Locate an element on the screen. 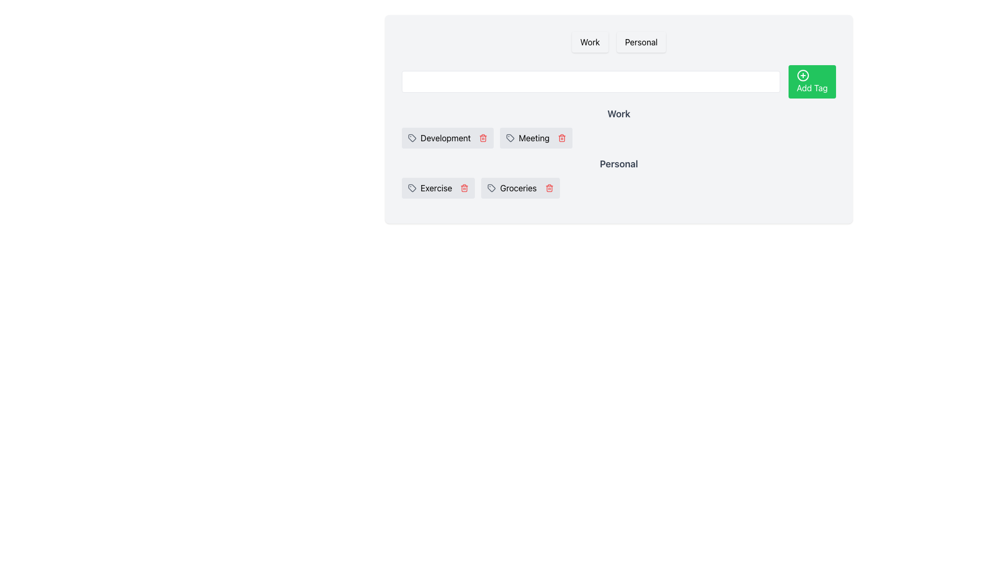  the stylized tag-shaped icon with a gray outline located to the left of the 'Groceries' label in the 'Personal' section to invoke the associated action is located at coordinates (491, 187).